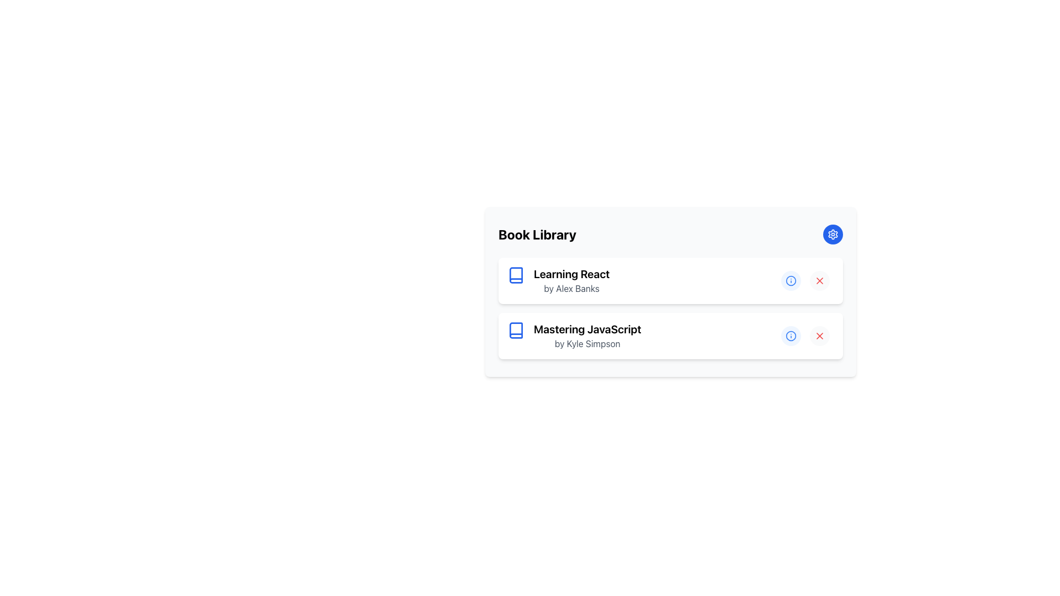 The image size is (1060, 596). What do you see at coordinates (571, 274) in the screenshot?
I see `the title text label 'Learning React' that serves as the clear identifier for the book item` at bounding box center [571, 274].